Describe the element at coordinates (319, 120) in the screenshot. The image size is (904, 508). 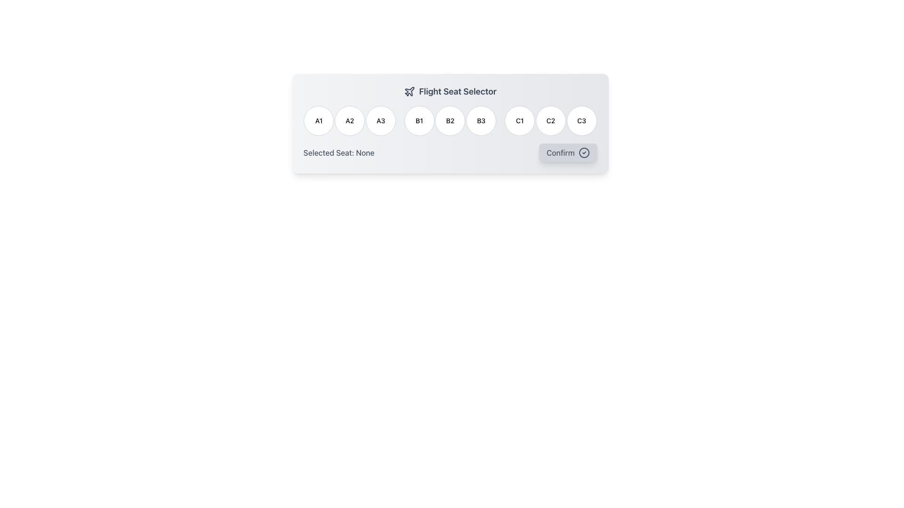
I see `the circular button labeled 'A1' with a white background and gray border` at that location.